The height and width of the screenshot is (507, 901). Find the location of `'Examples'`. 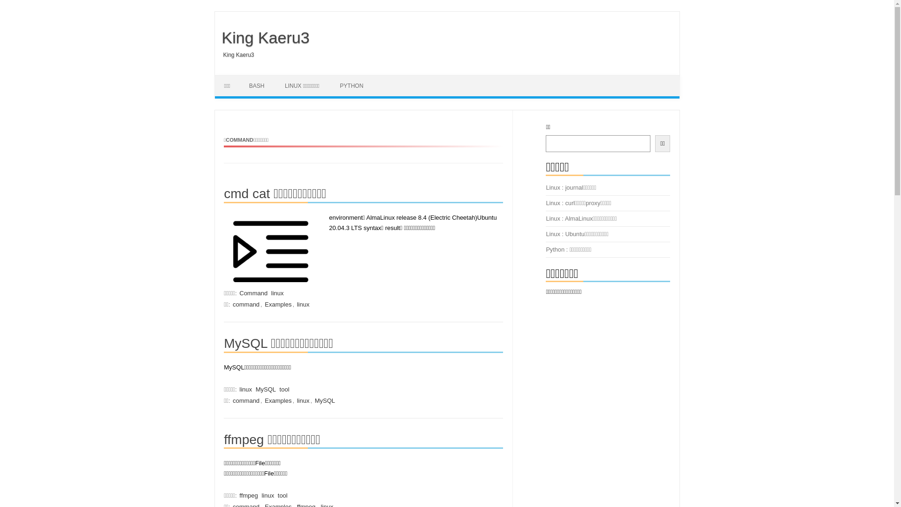

'Examples' is located at coordinates (263, 400).